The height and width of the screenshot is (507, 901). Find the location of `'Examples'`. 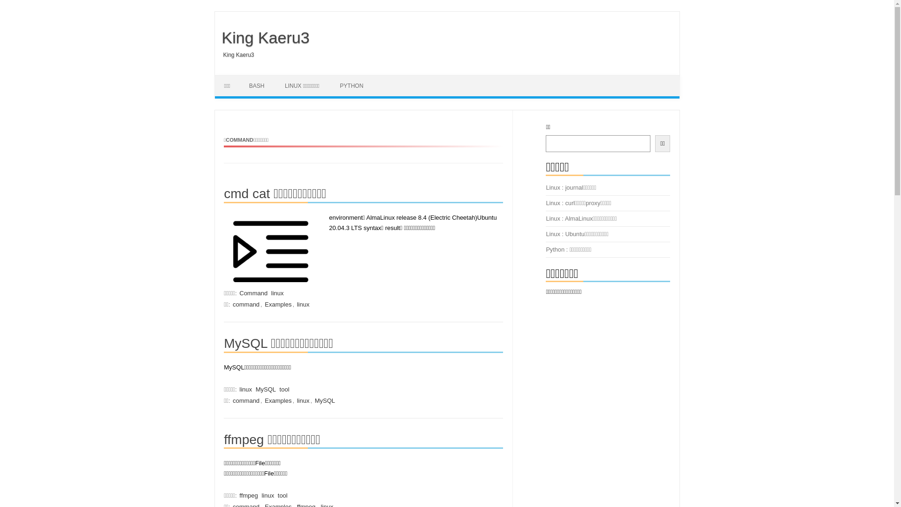

'Examples' is located at coordinates (263, 400).